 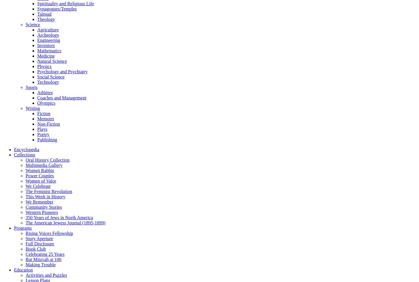 I want to click on 'Engineering', so click(x=48, y=40).